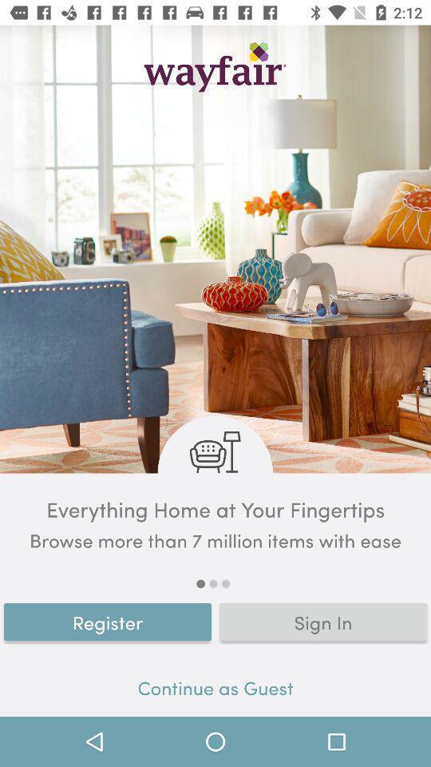  What do you see at coordinates (108, 621) in the screenshot?
I see `the register item` at bounding box center [108, 621].